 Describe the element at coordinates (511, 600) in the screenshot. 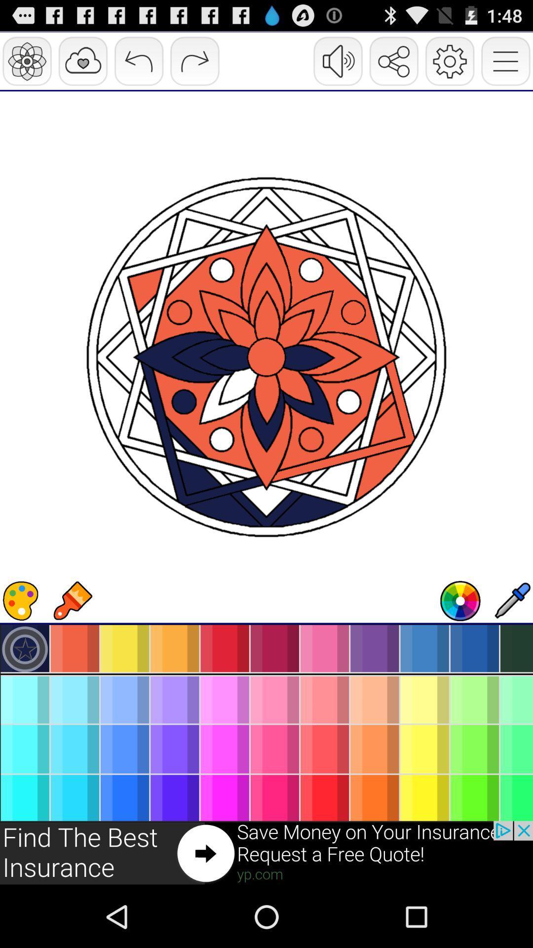

I see `drop` at that location.